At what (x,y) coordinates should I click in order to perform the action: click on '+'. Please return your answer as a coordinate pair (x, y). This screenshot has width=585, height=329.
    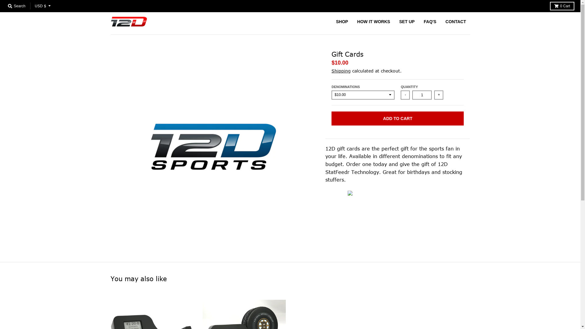
    Looking at the image, I should click on (434, 95).